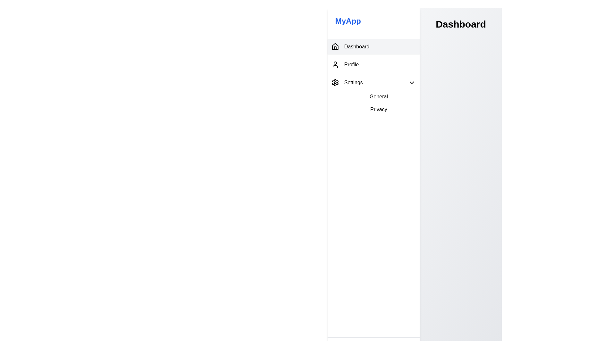  Describe the element at coordinates (373, 82) in the screenshot. I see `the navigational menu item located below 'Profile' and above 'General' and 'Privacy'` at that location.